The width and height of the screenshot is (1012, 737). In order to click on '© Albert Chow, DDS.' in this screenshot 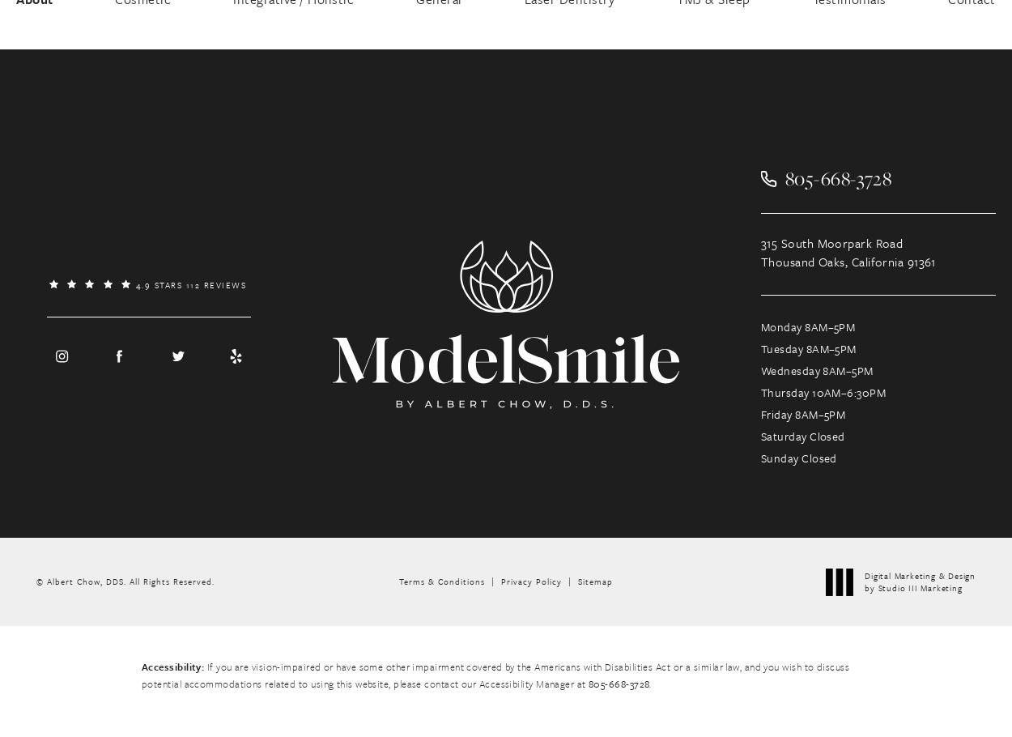, I will do `click(36, 579)`.